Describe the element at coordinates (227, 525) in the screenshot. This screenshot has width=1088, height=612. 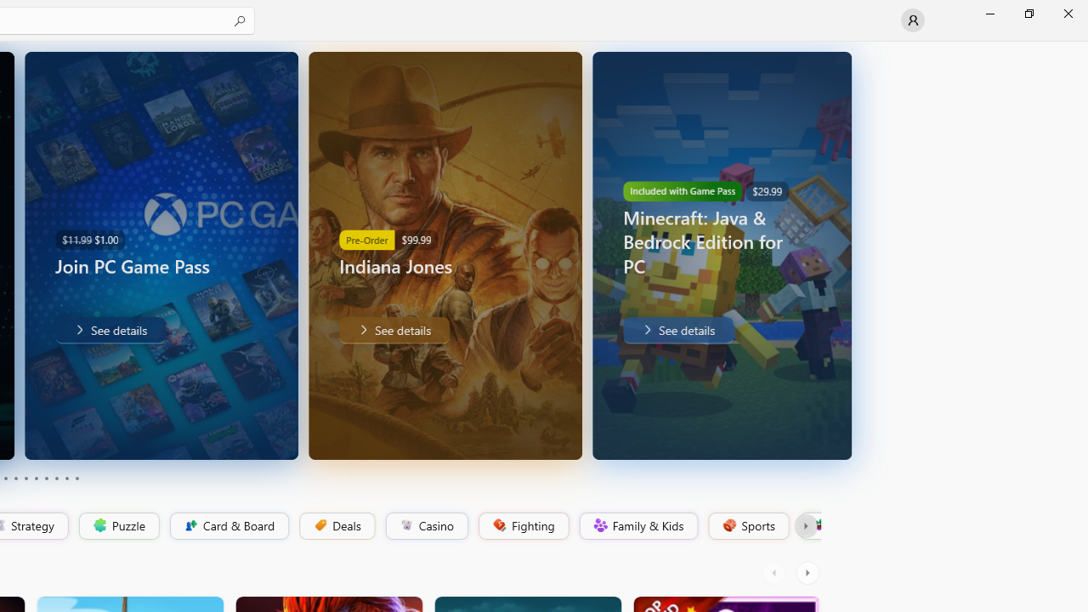
I see `'Card & Board'` at that location.